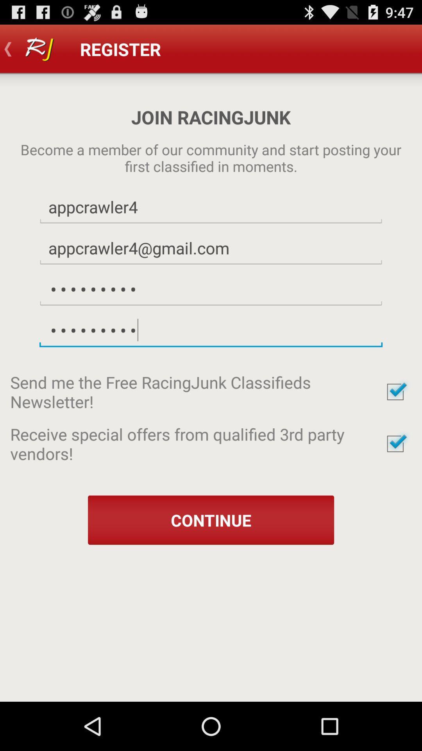 This screenshot has height=751, width=422. What do you see at coordinates (395, 444) in the screenshot?
I see `opt in or out for special offers` at bounding box center [395, 444].